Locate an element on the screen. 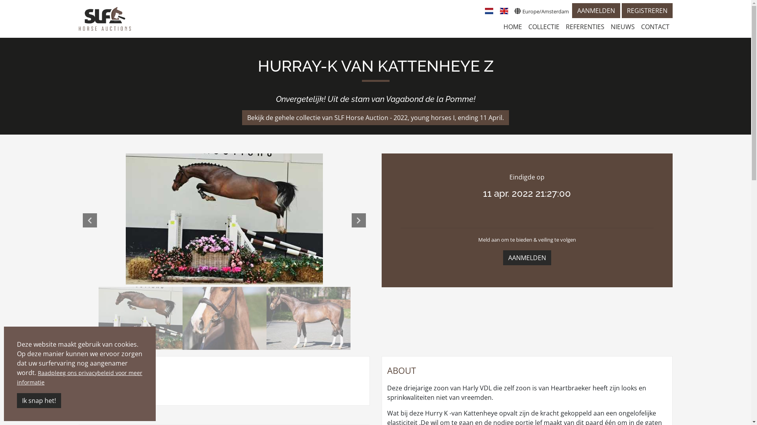  'Europe/Amsterdam' is located at coordinates (511, 11).